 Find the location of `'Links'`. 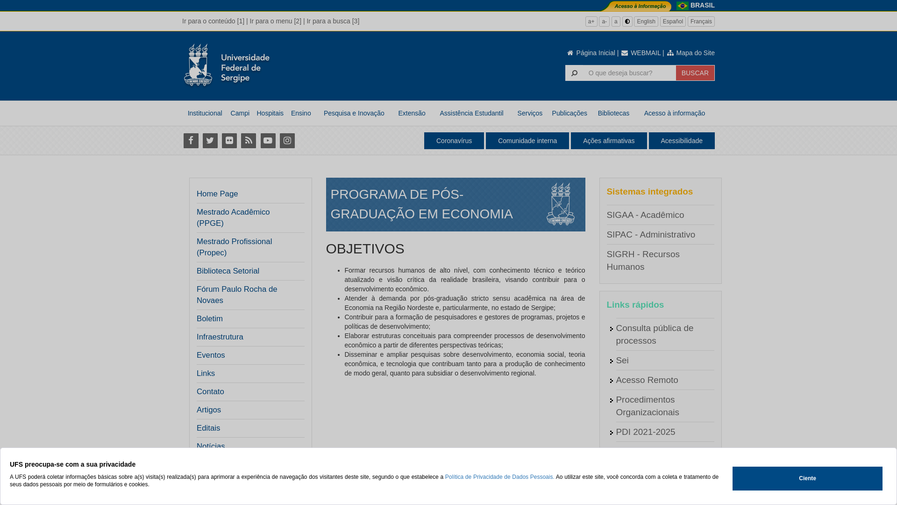

'Links' is located at coordinates (205, 373).